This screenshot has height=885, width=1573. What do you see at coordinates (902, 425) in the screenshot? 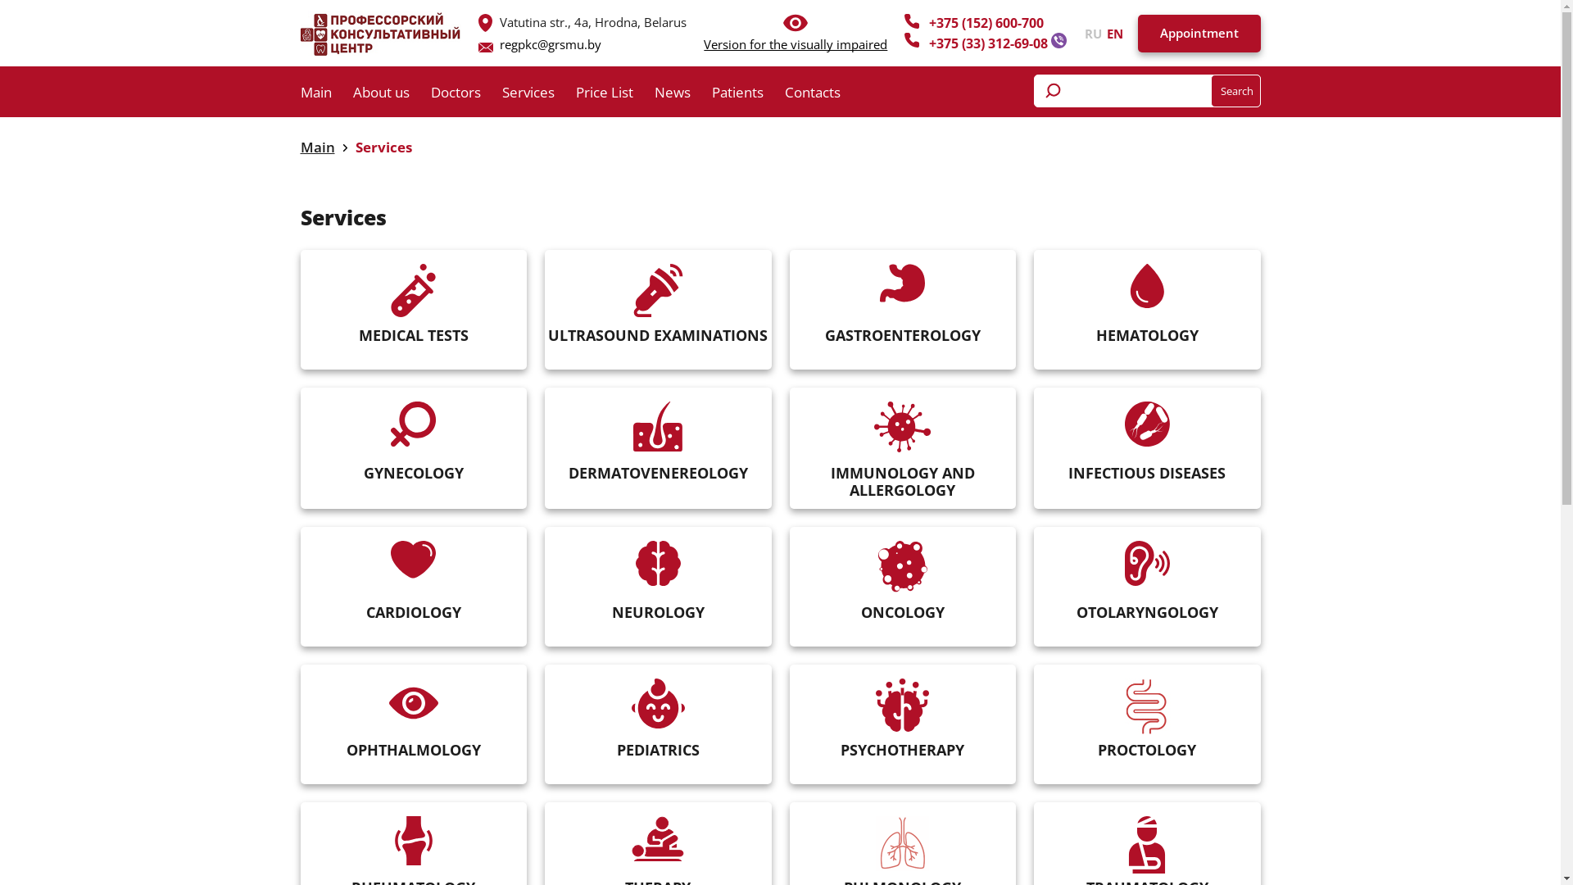
I see `'Immunology and allergology'` at bounding box center [902, 425].